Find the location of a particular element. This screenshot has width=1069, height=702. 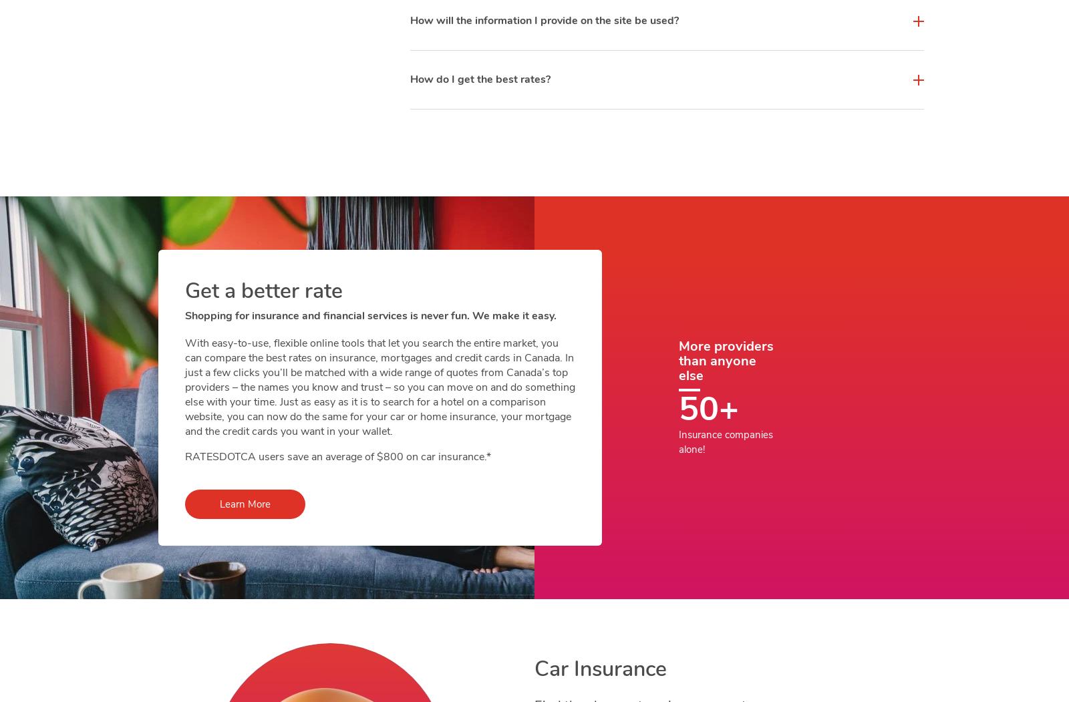

'With easy-to-use, flexible online tools that let you search the entire market, you can compare the best rates on insurance, mortgages and credit cards in Canada. In just a few clicks you’ll be matched with a wide range of quotes from Canada’s top providers – the names you know and trust – so you can move on and do something else with your time. Just as easy as it is to search for a hotel on a comparison website, you can now do the same for your car or home insurance, your mortgage and the credit cards you want in your wallet.' is located at coordinates (184, 387).